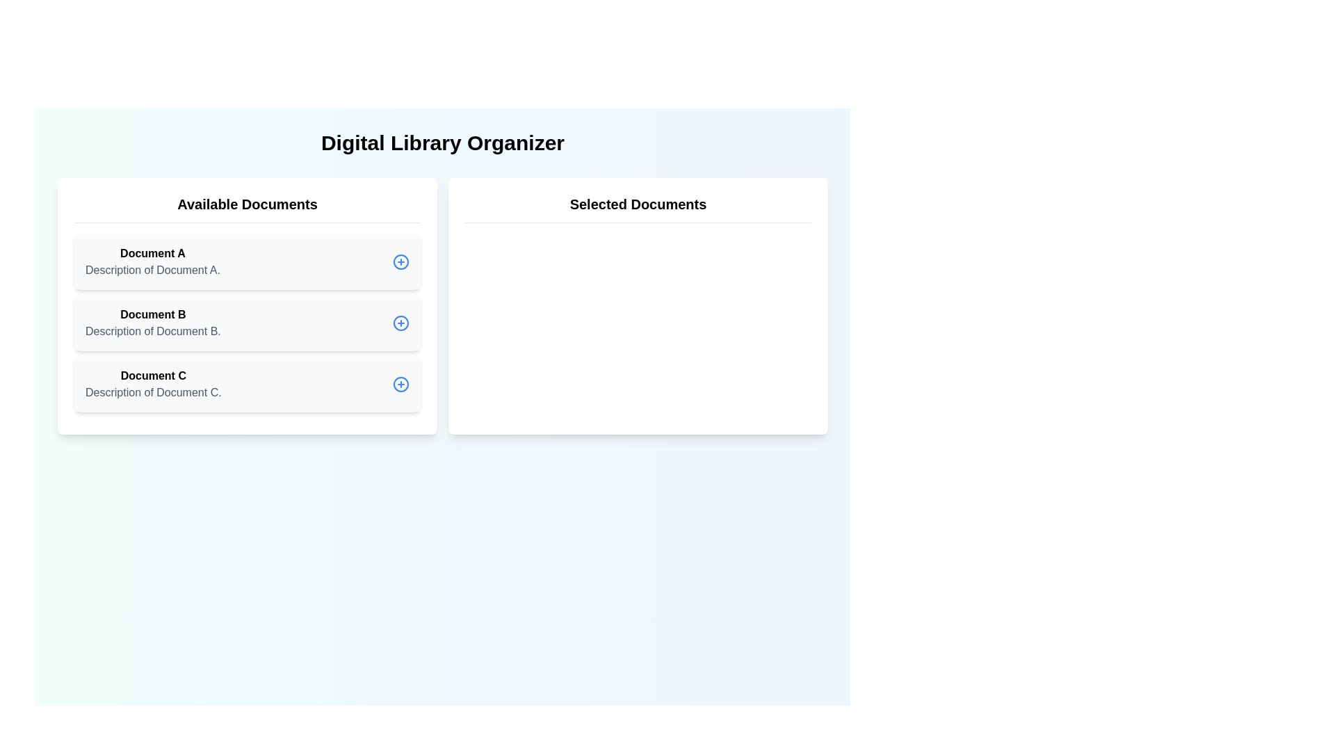 The width and height of the screenshot is (1335, 751). What do you see at coordinates (153, 332) in the screenshot?
I see `text content of the gray text element that displays 'Description of Document B.' located under the 'Available Documents' section` at bounding box center [153, 332].